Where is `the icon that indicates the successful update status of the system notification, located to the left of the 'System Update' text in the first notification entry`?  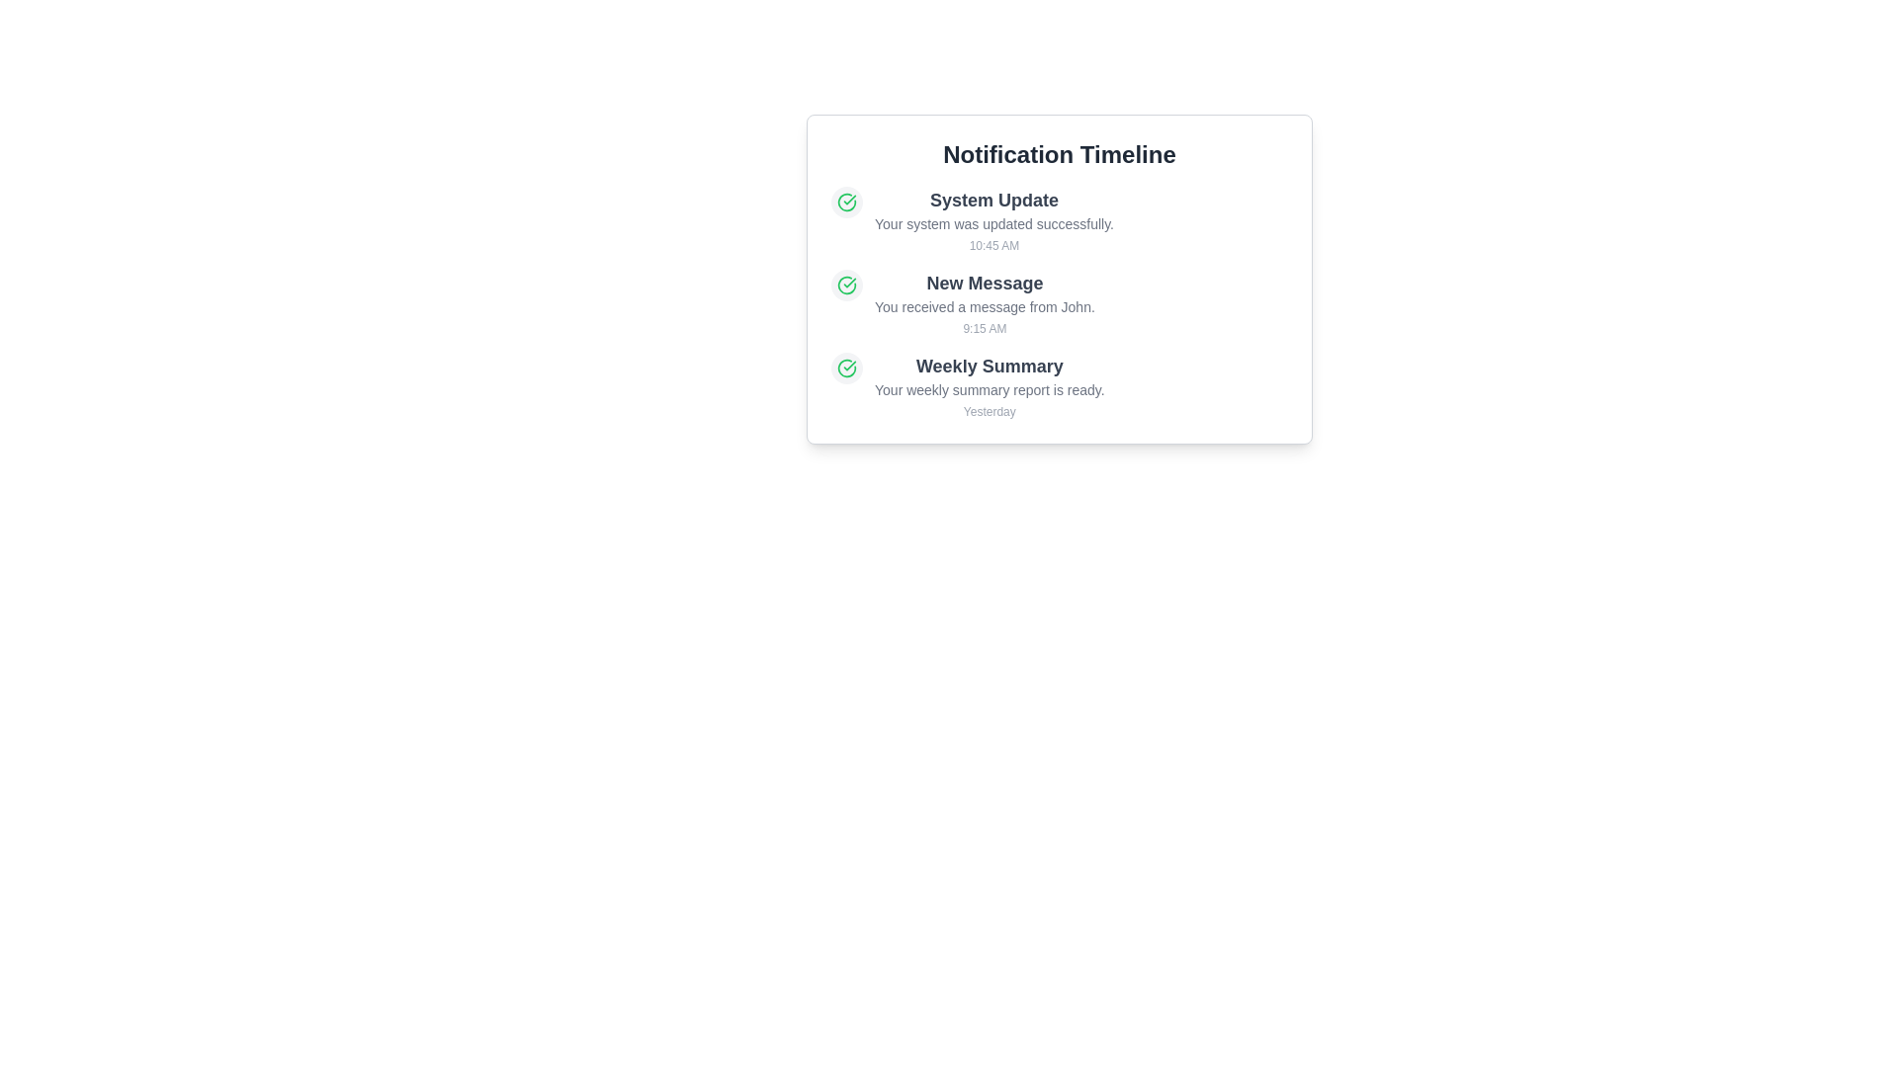 the icon that indicates the successful update status of the system notification, located to the left of the 'System Update' text in the first notification entry is located at coordinates (847, 202).